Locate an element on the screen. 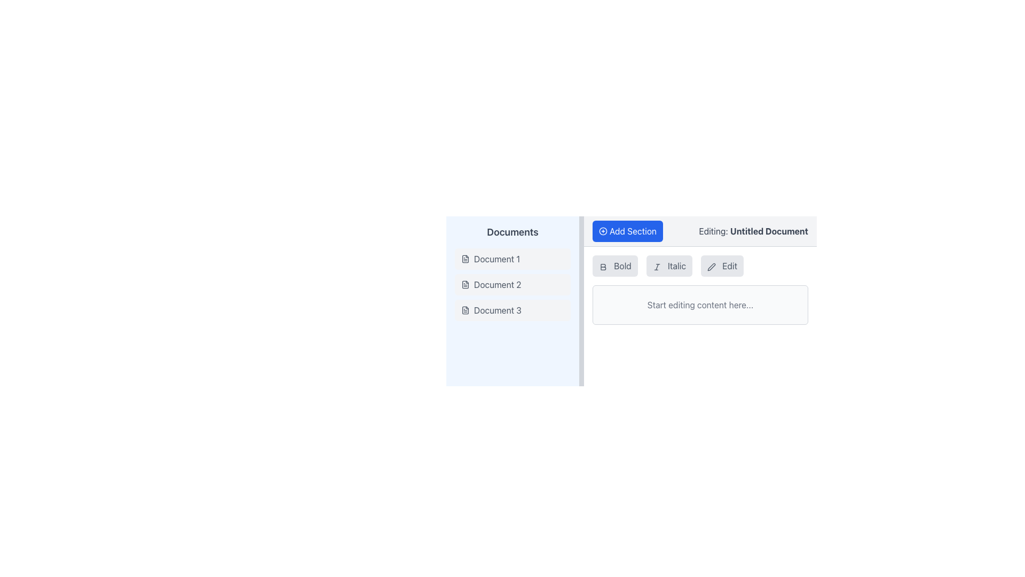 The height and width of the screenshot is (577, 1025). the small gray document icon resembling text, located to the left of 'Document 3' is located at coordinates (466, 310).